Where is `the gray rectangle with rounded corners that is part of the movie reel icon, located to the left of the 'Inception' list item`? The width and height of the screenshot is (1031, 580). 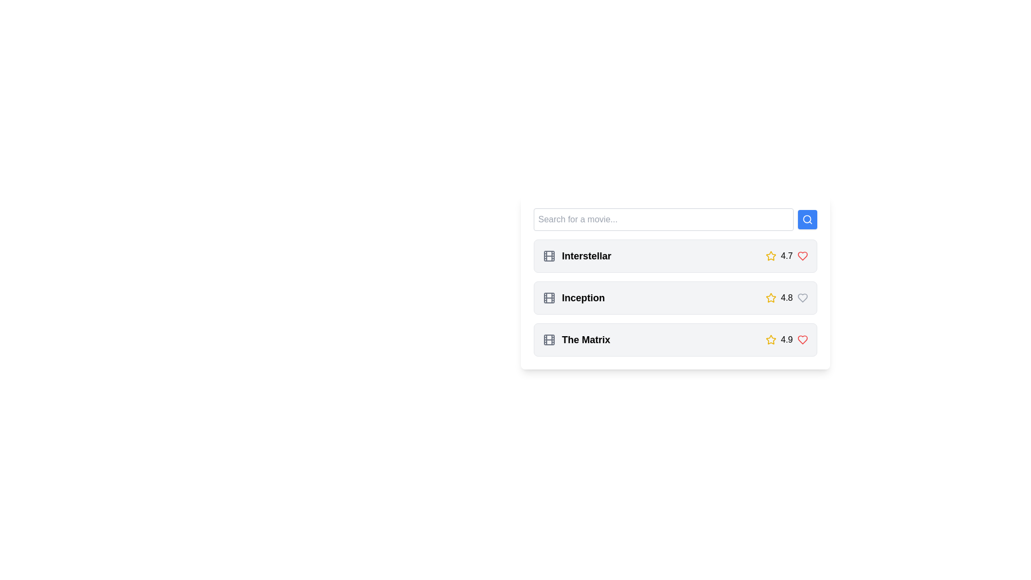
the gray rectangle with rounded corners that is part of the movie reel icon, located to the left of the 'Inception' list item is located at coordinates (549, 298).